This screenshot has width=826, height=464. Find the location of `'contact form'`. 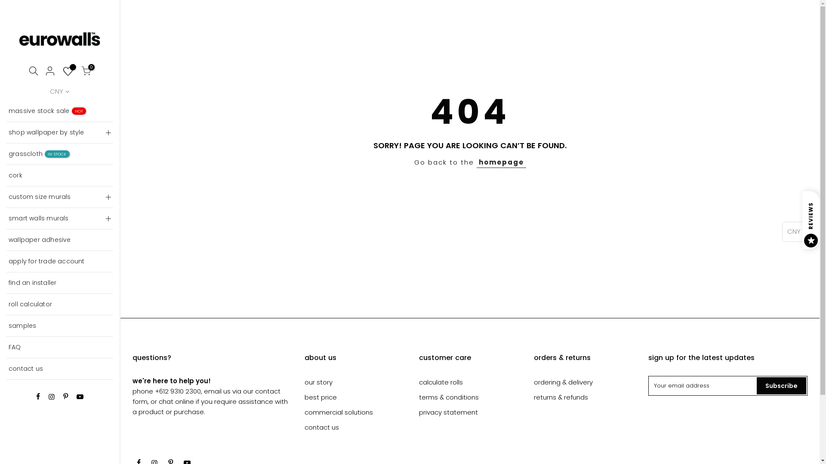

'contact form' is located at coordinates (206, 396).